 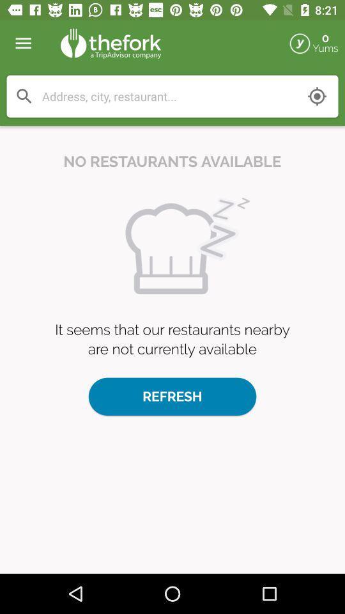 I want to click on mark my location, so click(x=316, y=95).